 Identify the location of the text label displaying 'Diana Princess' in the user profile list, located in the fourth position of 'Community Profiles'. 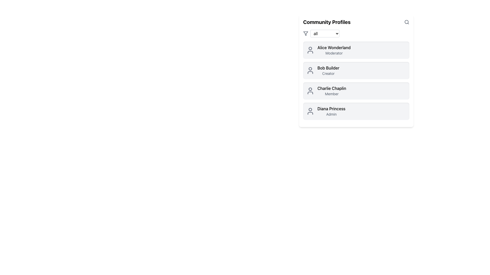
(331, 108).